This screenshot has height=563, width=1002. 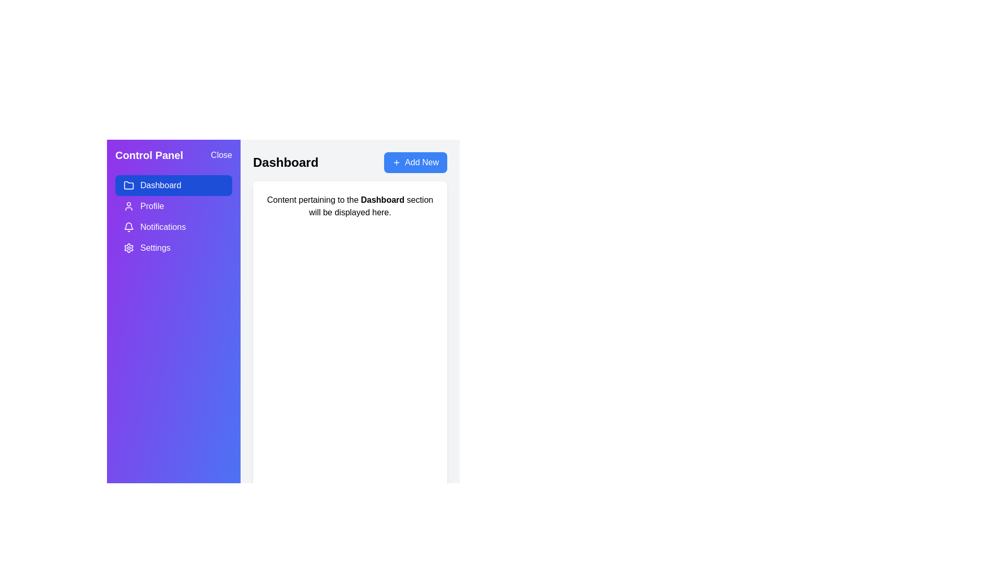 What do you see at coordinates (415, 163) in the screenshot?
I see `'Add New' button to initiate the action` at bounding box center [415, 163].